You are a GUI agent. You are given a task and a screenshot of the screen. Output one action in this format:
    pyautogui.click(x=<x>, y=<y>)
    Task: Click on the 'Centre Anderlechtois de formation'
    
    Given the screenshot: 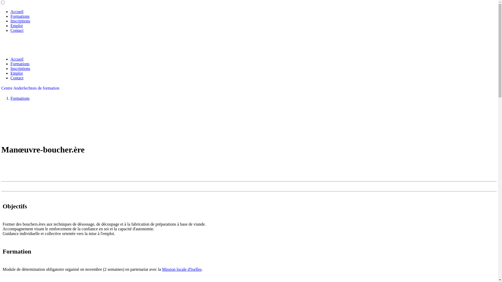 What is the action you would take?
    pyautogui.click(x=30, y=88)
    